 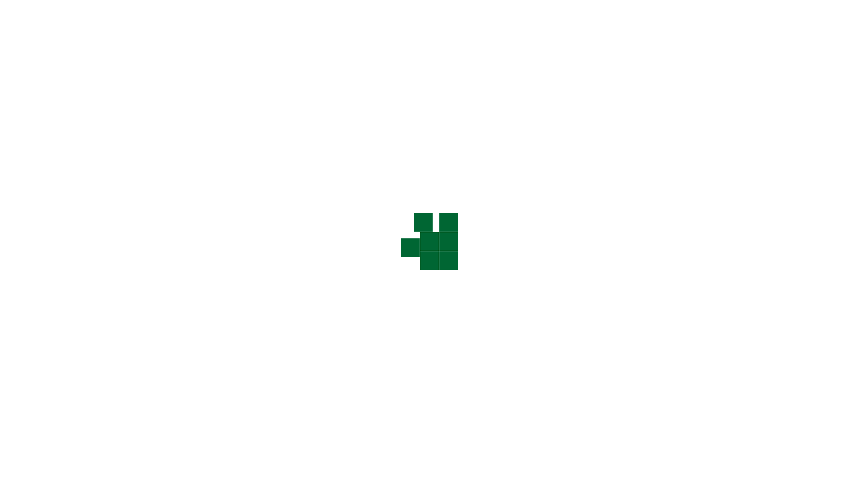 I want to click on 'ABOUT US', so click(x=366, y=38).